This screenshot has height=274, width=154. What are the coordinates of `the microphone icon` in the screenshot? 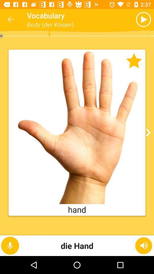 It's located at (10, 245).